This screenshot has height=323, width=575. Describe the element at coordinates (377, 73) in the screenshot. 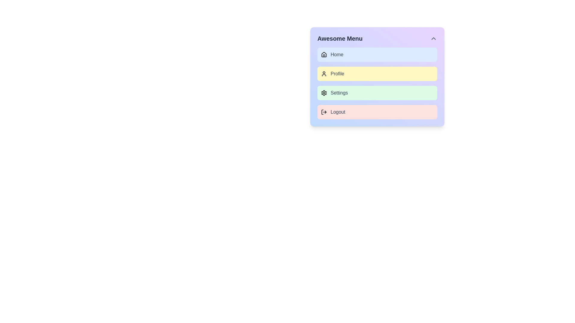

I see `the 'Profile' button located in the vertical menu, positioned as the second item between 'Home' and 'Settings'` at that location.